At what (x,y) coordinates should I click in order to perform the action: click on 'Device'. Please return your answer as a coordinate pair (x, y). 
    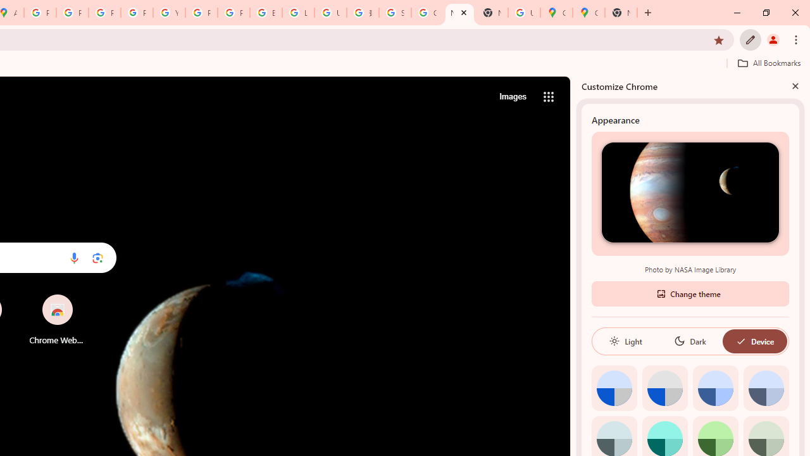
    Looking at the image, I should click on (754, 340).